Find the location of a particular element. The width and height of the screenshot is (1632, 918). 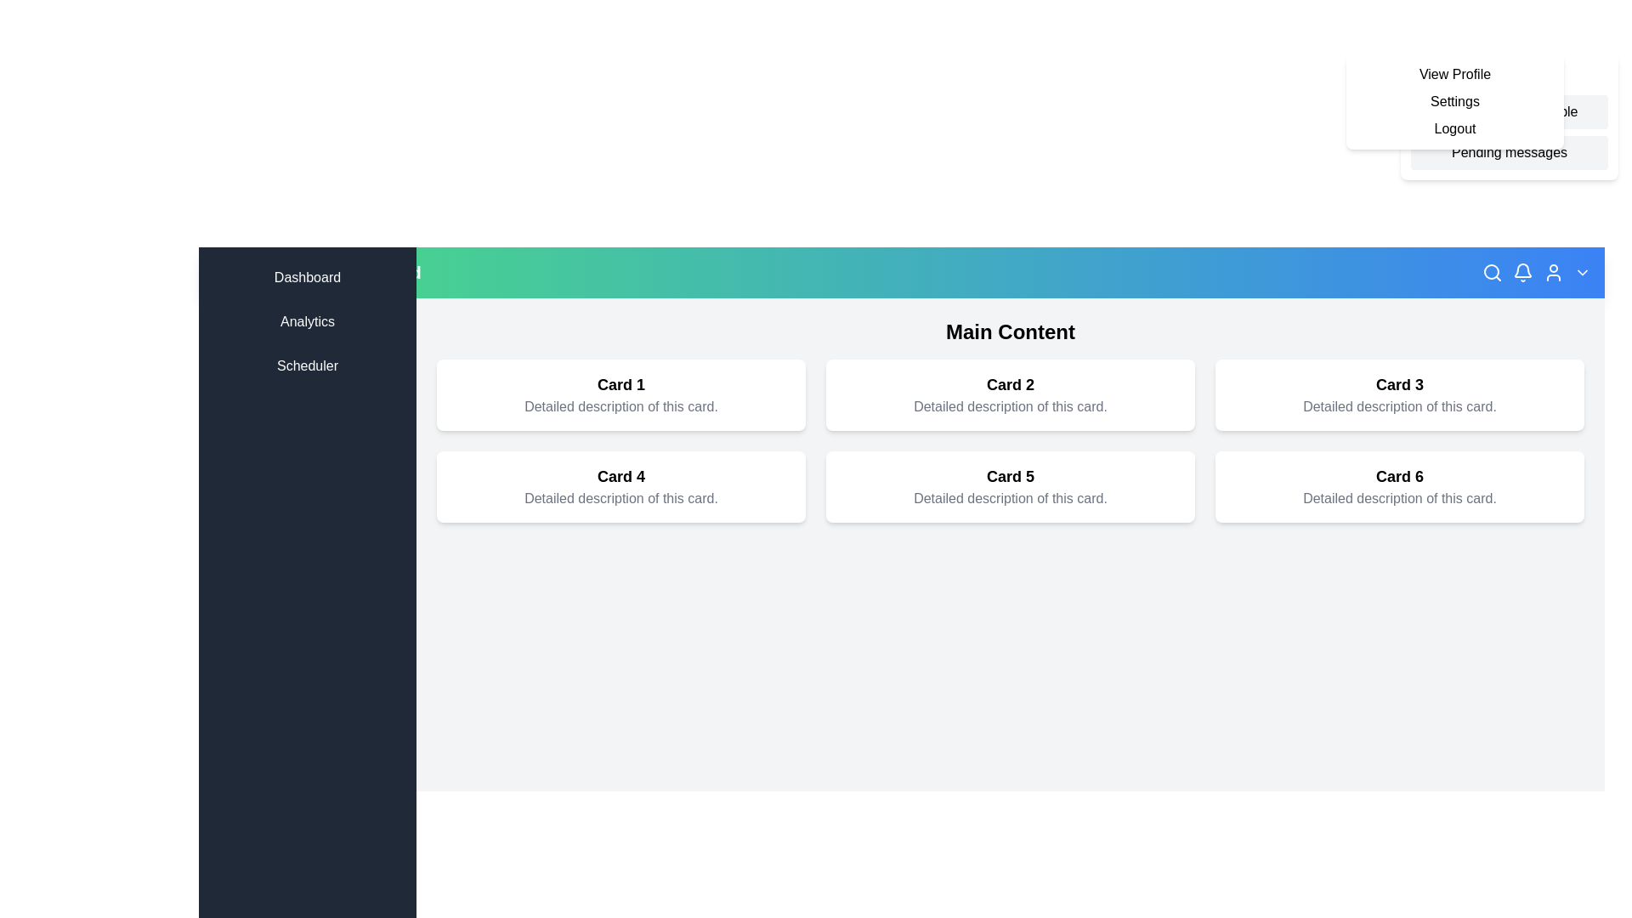

the text label that provides supplementary information for 'Card 2', located directly below its title in the second card of the top row is located at coordinates (1011, 406).